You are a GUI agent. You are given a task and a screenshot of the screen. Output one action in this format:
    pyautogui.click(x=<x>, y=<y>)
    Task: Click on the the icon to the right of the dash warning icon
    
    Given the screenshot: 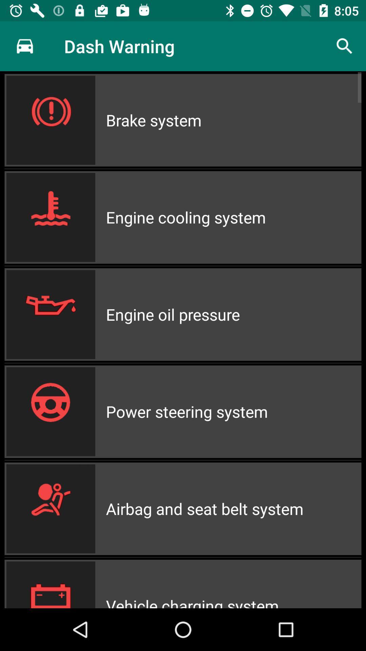 What is the action you would take?
    pyautogui.click(x=345, y=46)
    